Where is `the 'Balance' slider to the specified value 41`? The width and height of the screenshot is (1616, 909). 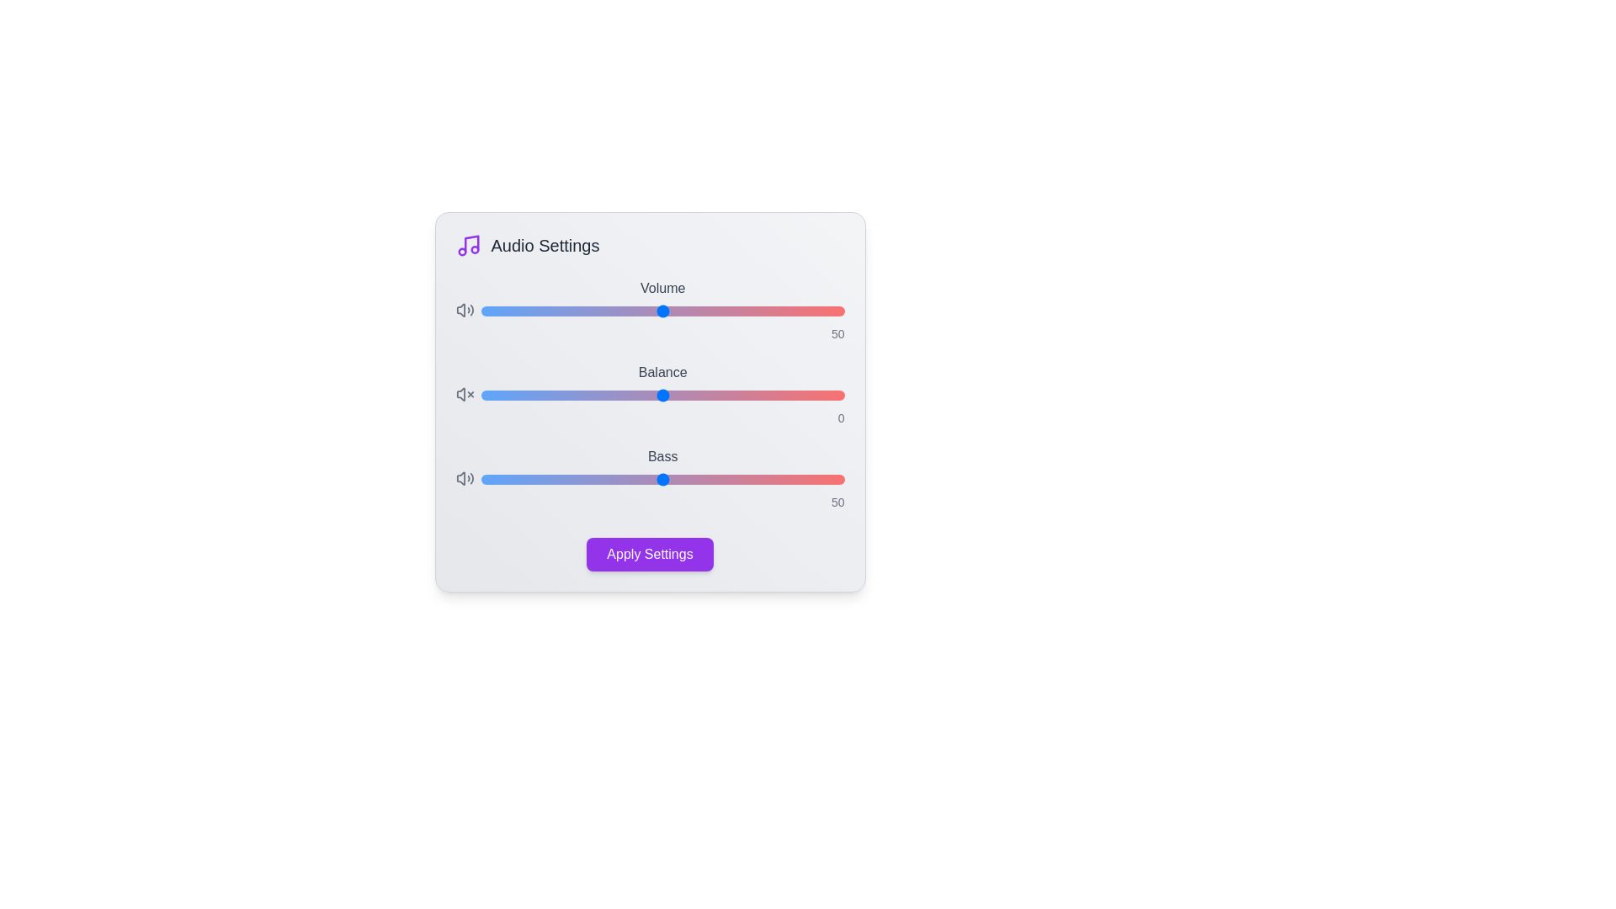 the 'Balance' slider to the specified value 41 is located at coordinates (811, 396).